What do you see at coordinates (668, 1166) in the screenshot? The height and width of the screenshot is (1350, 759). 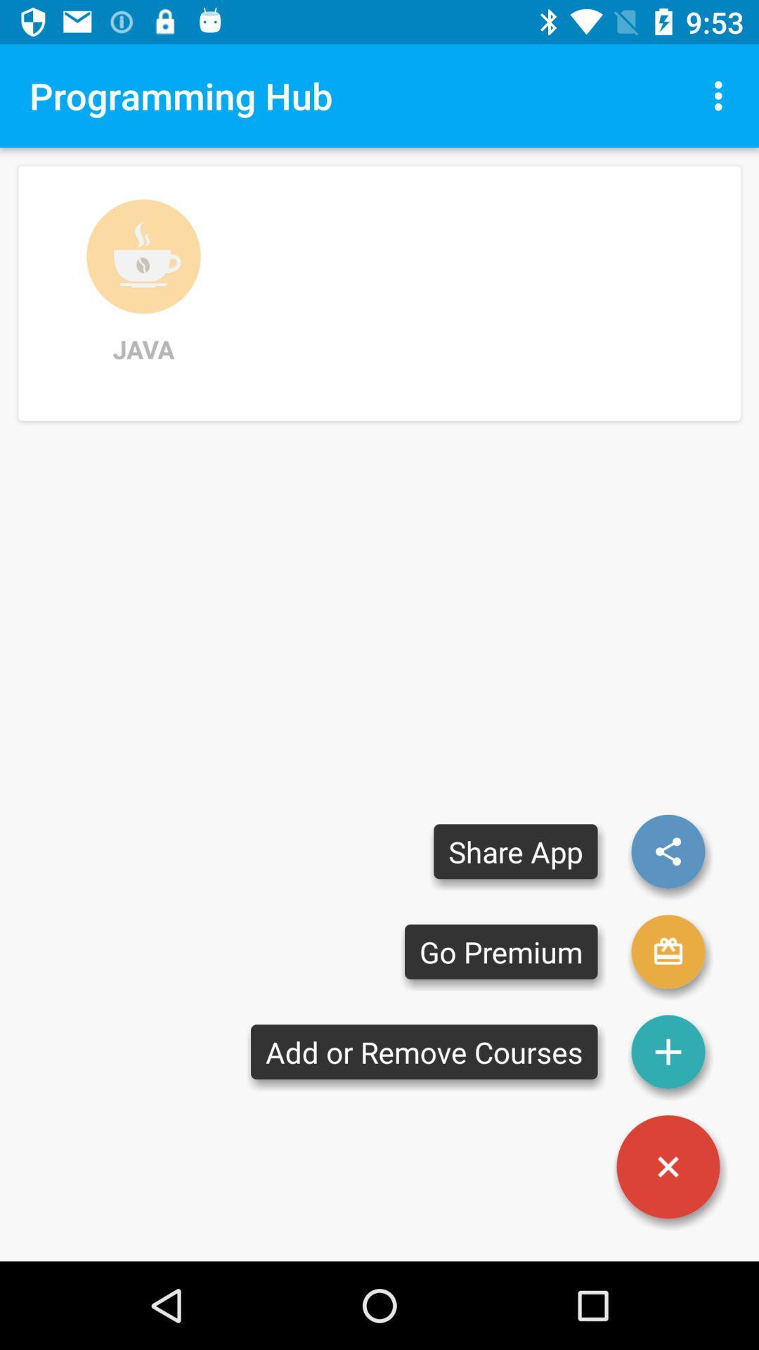 I see `close` at bounding box center [668, 1166].